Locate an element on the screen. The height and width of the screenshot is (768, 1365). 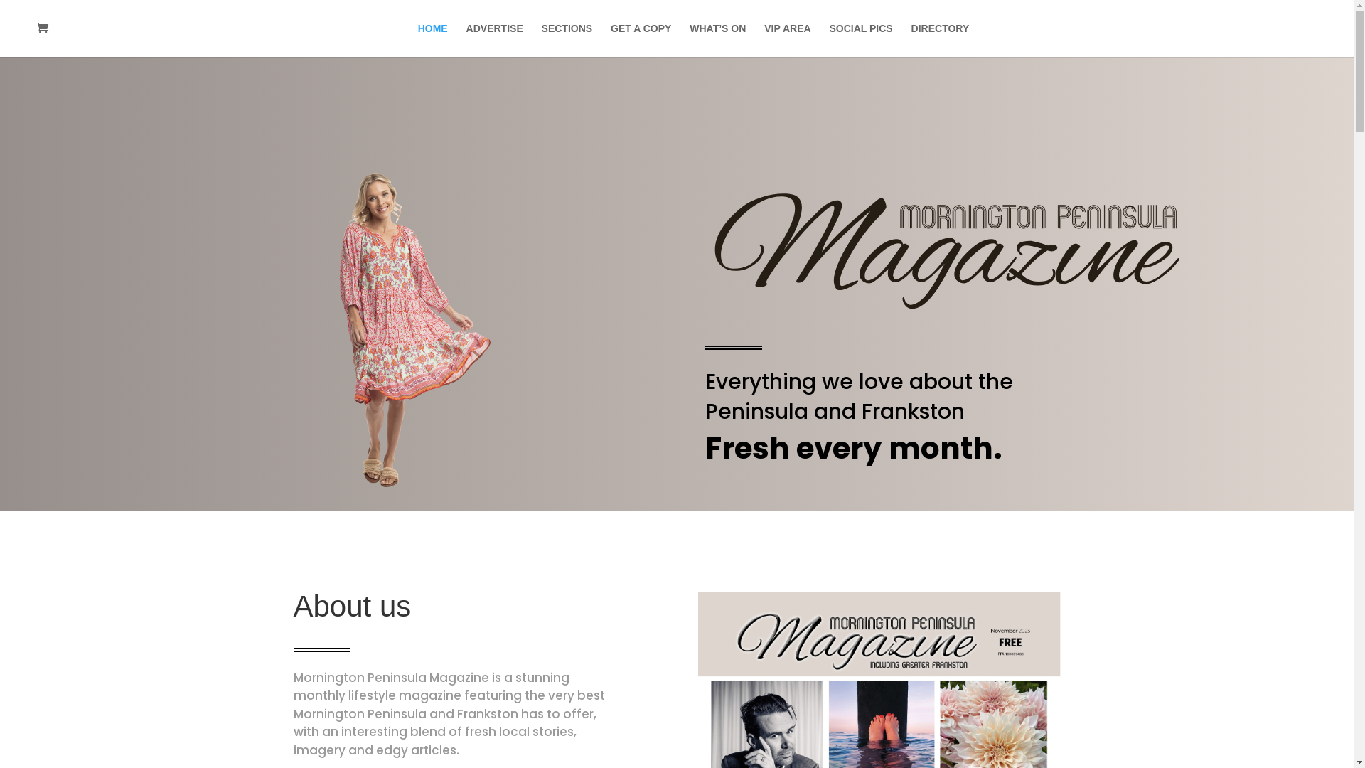
'yoko' is located at coordinates (406, 332).